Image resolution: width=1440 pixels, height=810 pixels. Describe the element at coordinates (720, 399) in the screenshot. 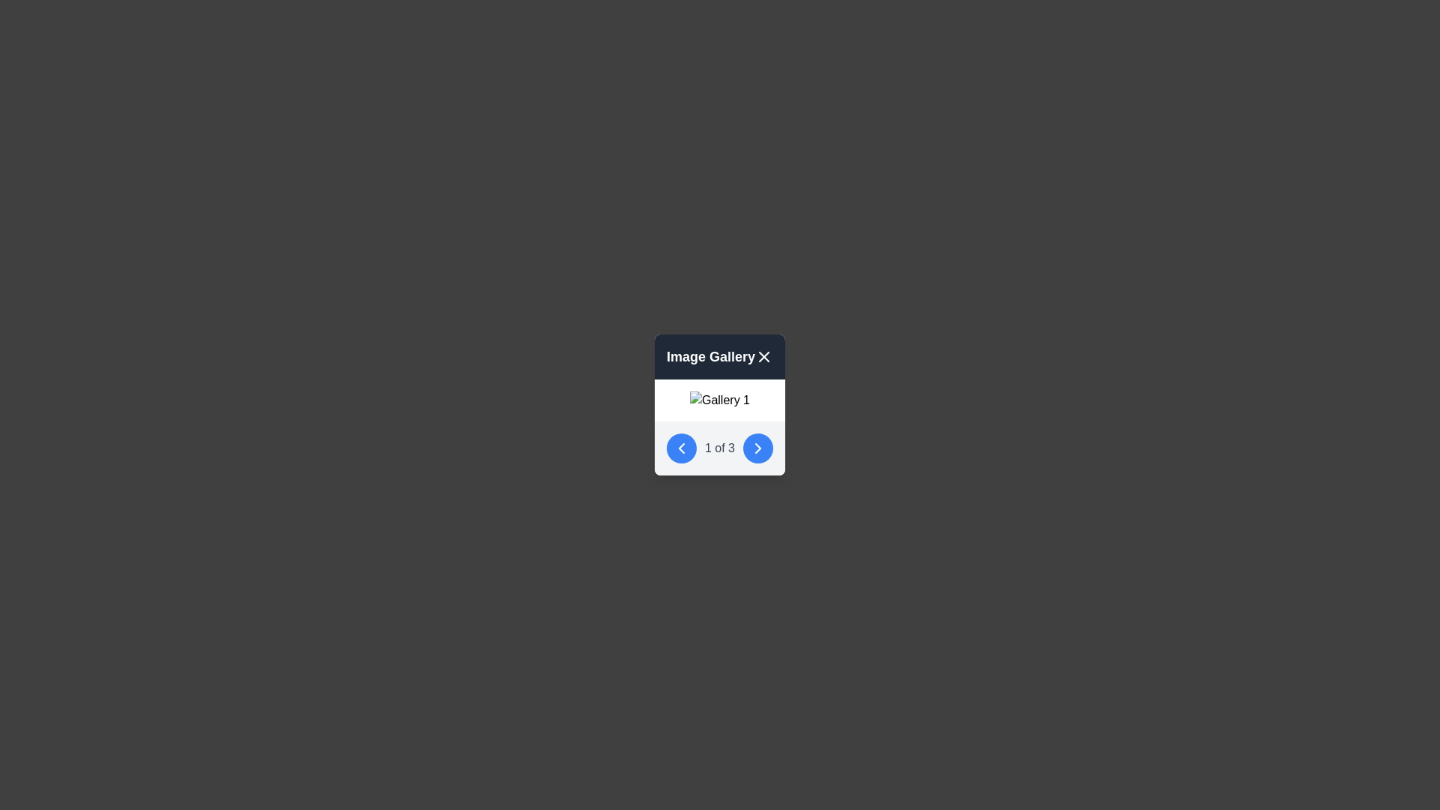

I see `the image display labeled 'Gallery 1' by clicking on it to change the image in the gallery viewer` at that location.